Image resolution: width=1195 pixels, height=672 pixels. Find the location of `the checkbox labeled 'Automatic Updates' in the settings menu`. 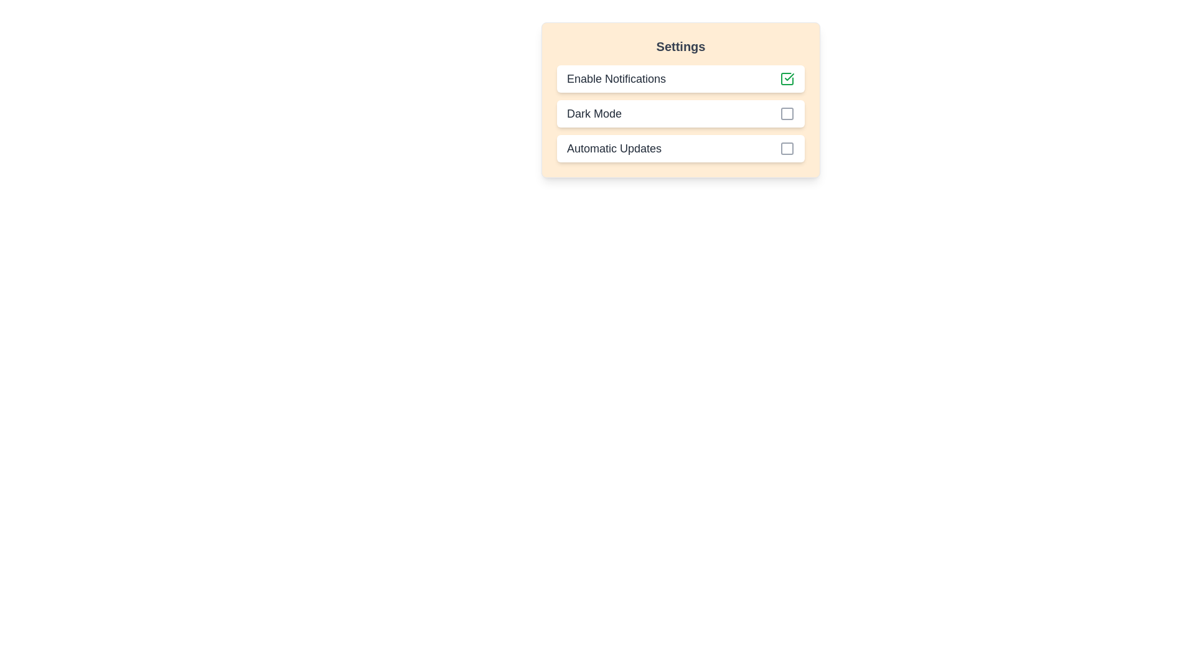

the checkbox labeled 'Automatic Updates' in the settings menu is located at coordinates (680, 148).